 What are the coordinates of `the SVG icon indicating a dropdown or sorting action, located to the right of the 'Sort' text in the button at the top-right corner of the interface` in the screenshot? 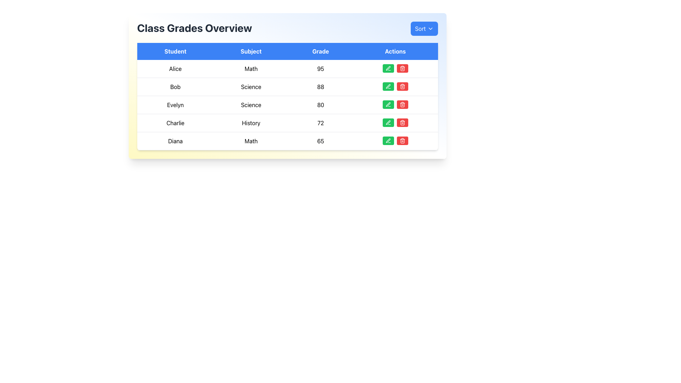 It's located at (430, 28).